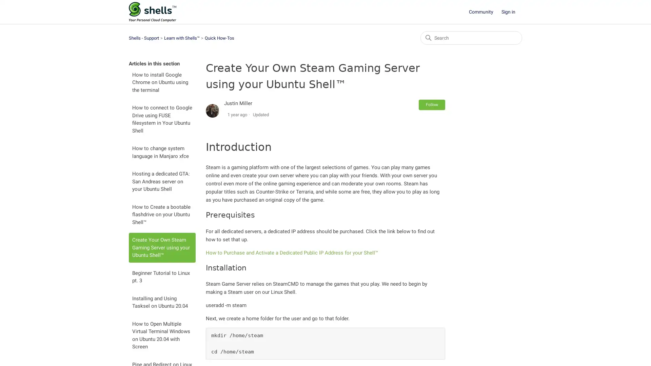 The width and height of the screenshot is (651, 366). I want to click on Sign in, so click(512, 12).